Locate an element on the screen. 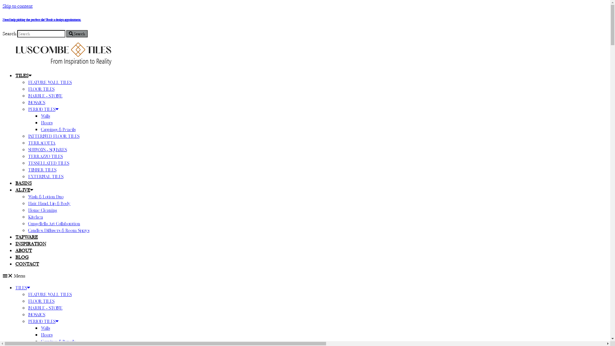  'EXTERNAL TILES' is located at coordinates (28, 177).